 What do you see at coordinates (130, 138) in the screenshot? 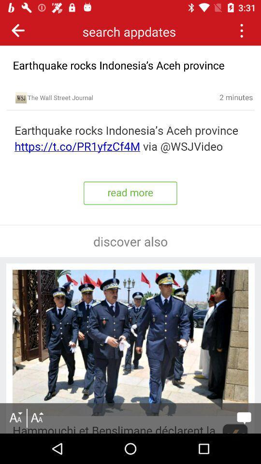
I see `website address link` at bounding box center [130, 138].